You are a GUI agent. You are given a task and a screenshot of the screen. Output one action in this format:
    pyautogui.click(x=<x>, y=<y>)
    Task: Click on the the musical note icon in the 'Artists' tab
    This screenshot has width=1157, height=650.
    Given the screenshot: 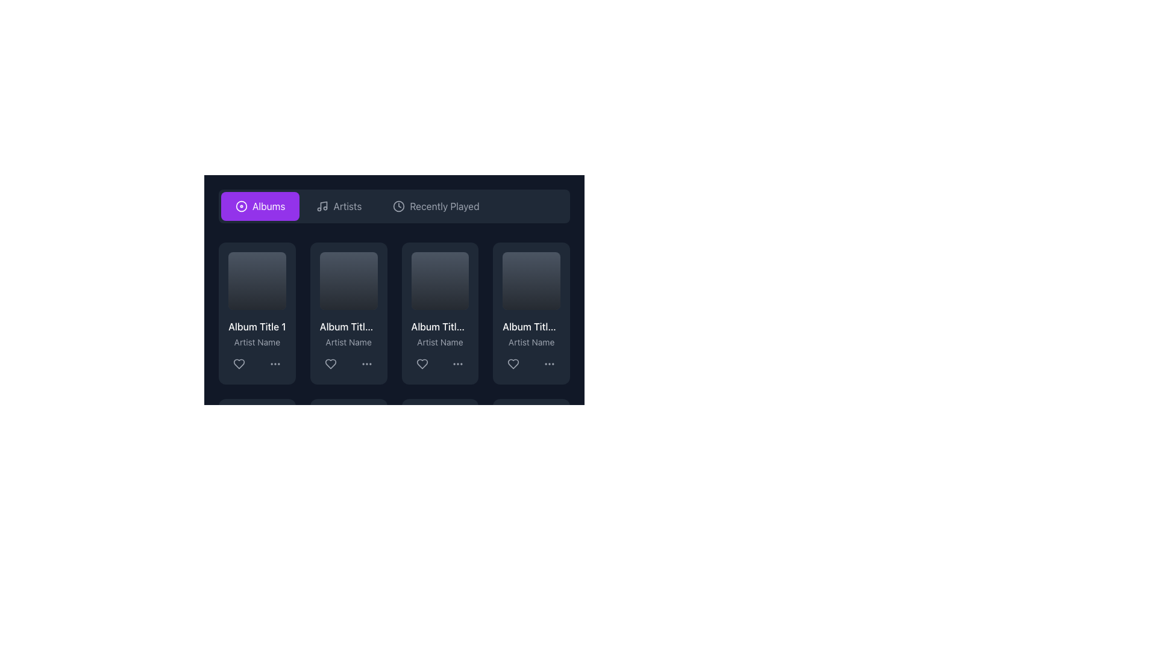 What is the action you would take?
    pyautogui.click(x=322, y=206)
    